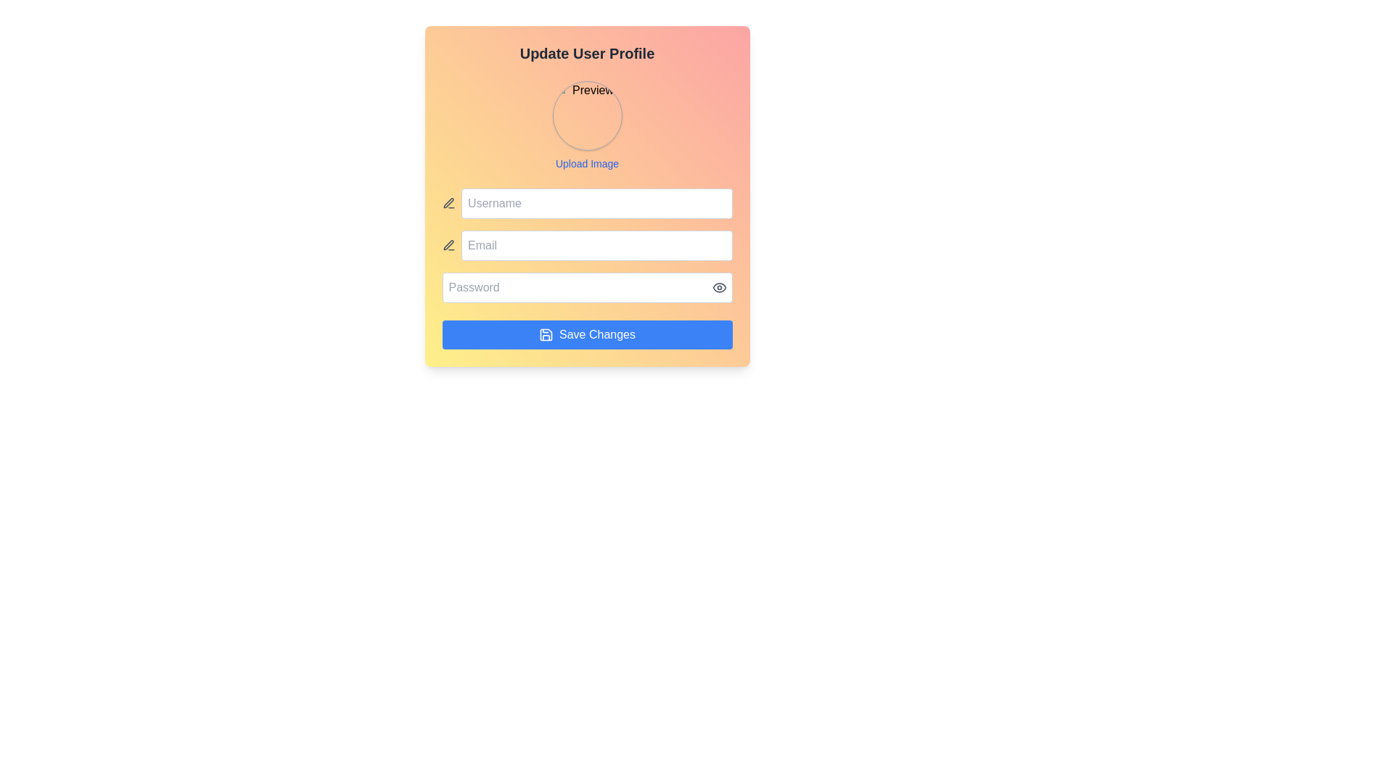 The width and height of the screenshot is (1393, 783). Describe the element at coordinates (448, 204) in the screenshot. I see `the first pen icon with an outlined gray design located to the far left of the username input box` at that location.